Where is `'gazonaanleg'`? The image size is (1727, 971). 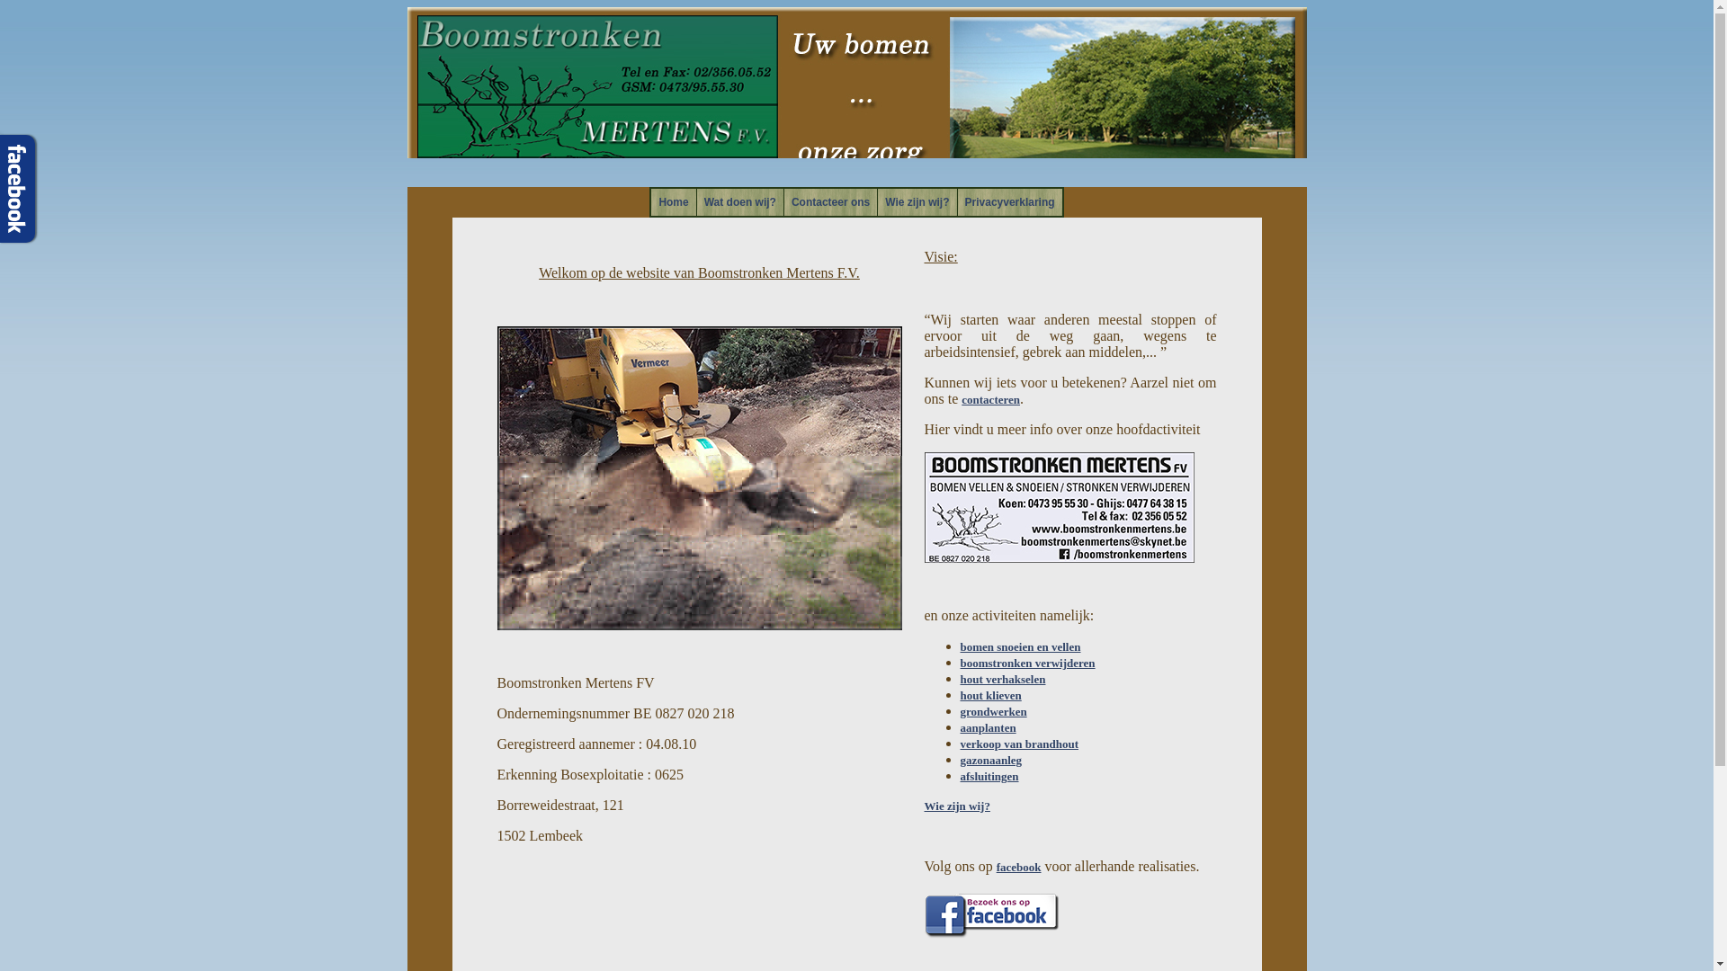
'gazonaanleg' is located at coordinates (990, 760).